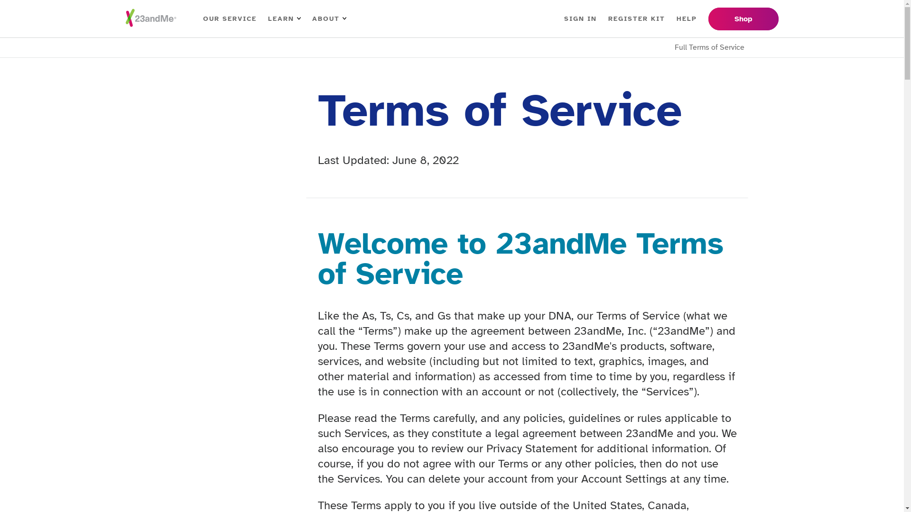  I want to click on 'OUR SERVICE', so click(202, 18).